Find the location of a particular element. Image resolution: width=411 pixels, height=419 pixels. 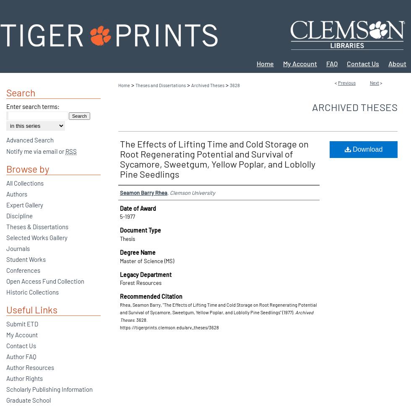

'Journals' is located at coordinates (18, 248).